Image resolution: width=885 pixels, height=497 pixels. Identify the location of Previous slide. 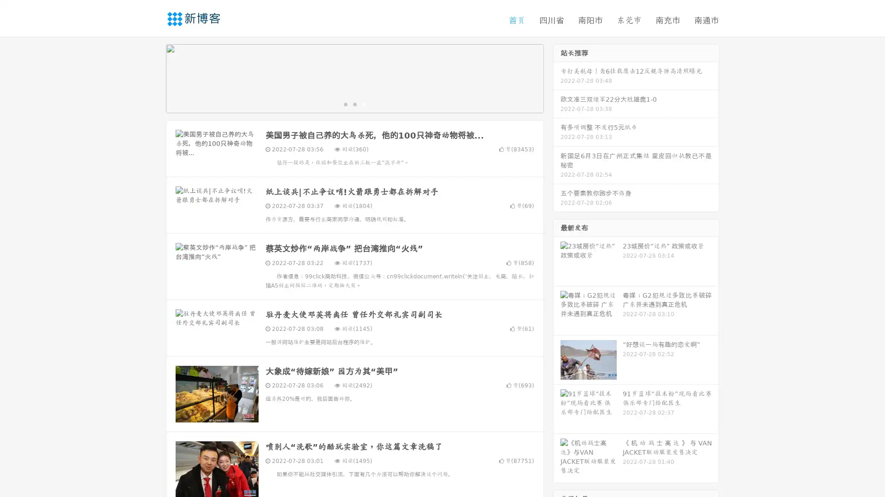
(152, 77).